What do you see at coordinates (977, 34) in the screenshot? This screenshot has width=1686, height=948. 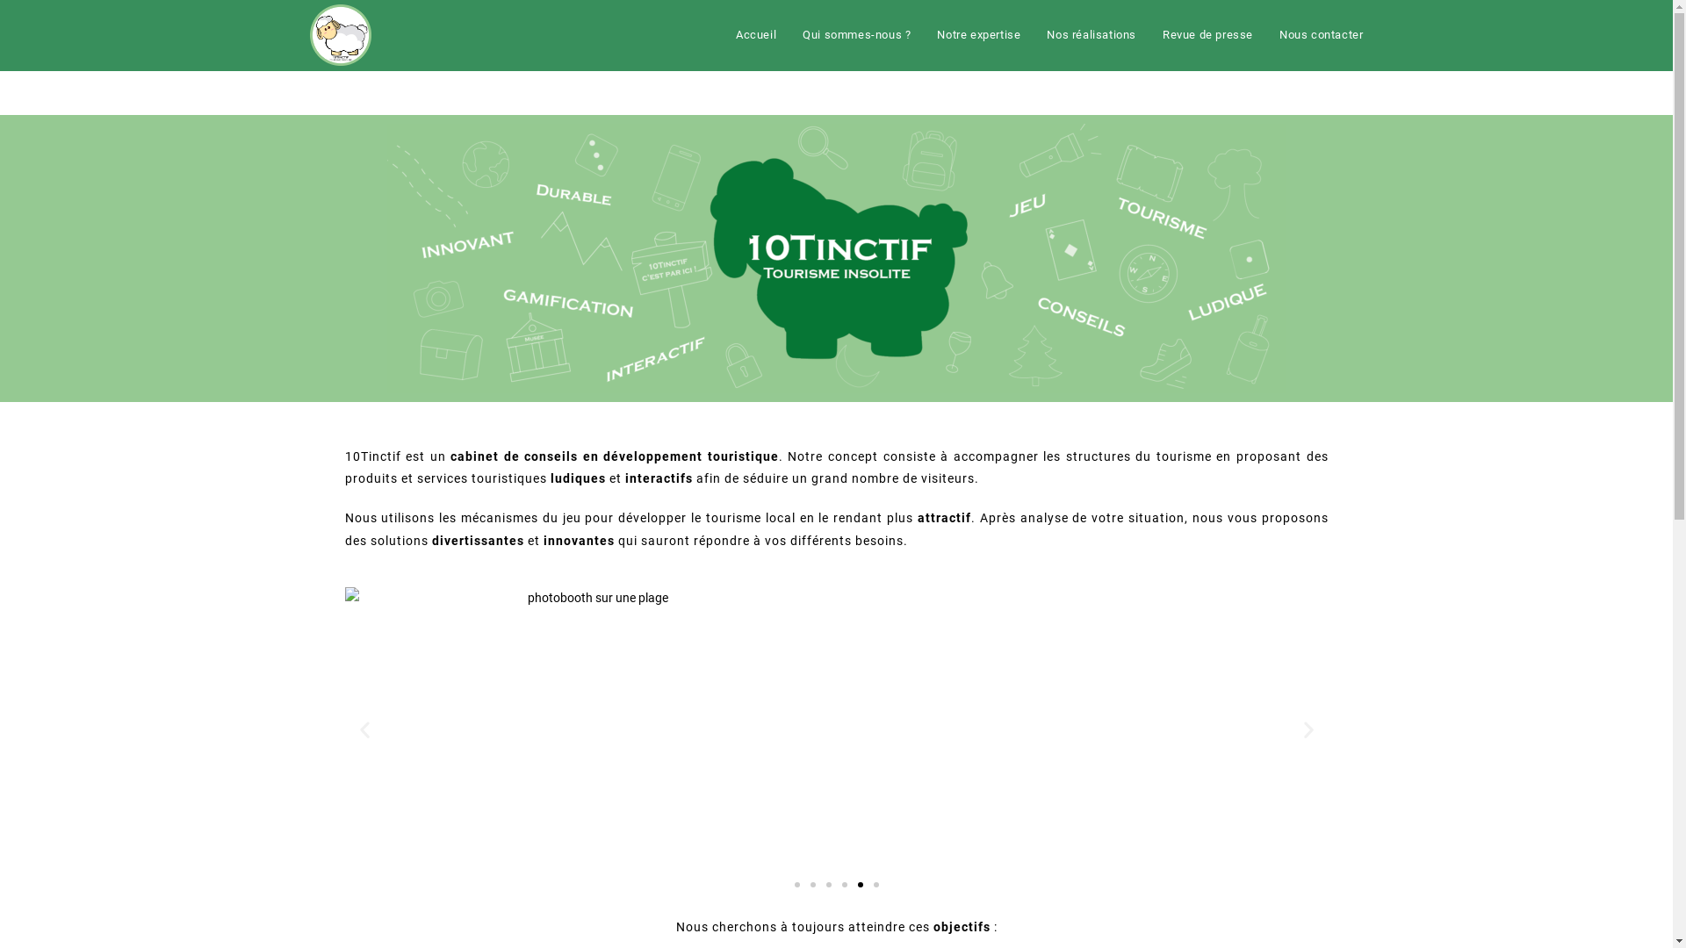 I see `'Notre expertise'` at bounding box center [977, 34].